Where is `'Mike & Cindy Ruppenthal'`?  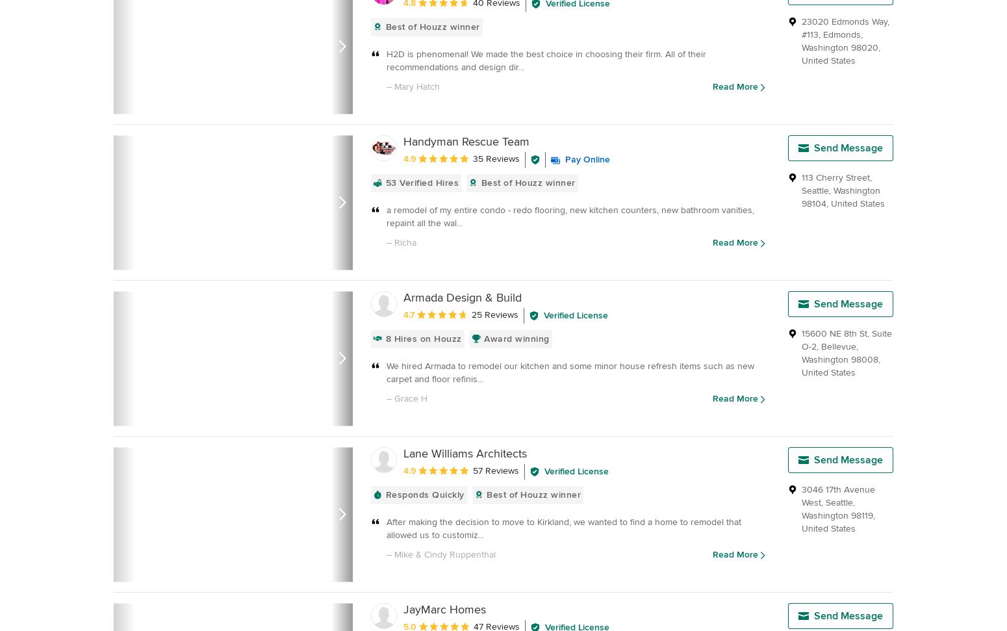
'Mike & Cindy Ruppenthal' is located at coordinates (394, 554).